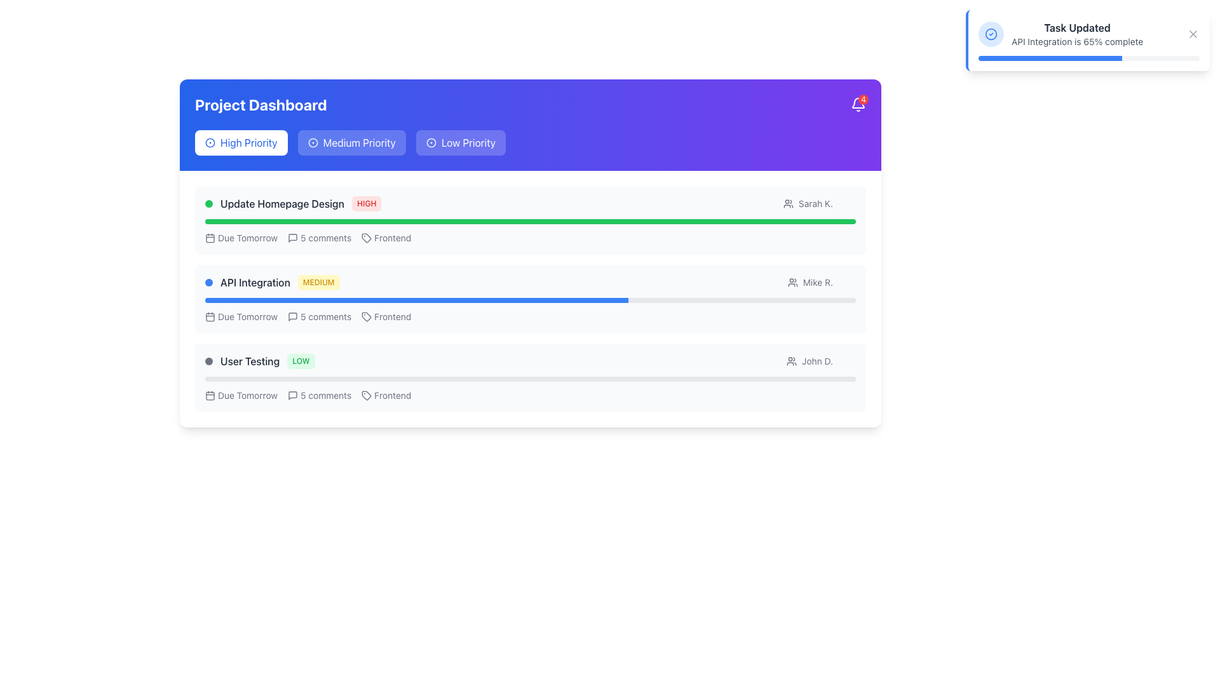 The image size is (1220, 686). Describe the element at coordinates (531, 220) in the screenshot. I see `the progress bar indicating task progress in the 'Update Homepage Design' card` at that location.